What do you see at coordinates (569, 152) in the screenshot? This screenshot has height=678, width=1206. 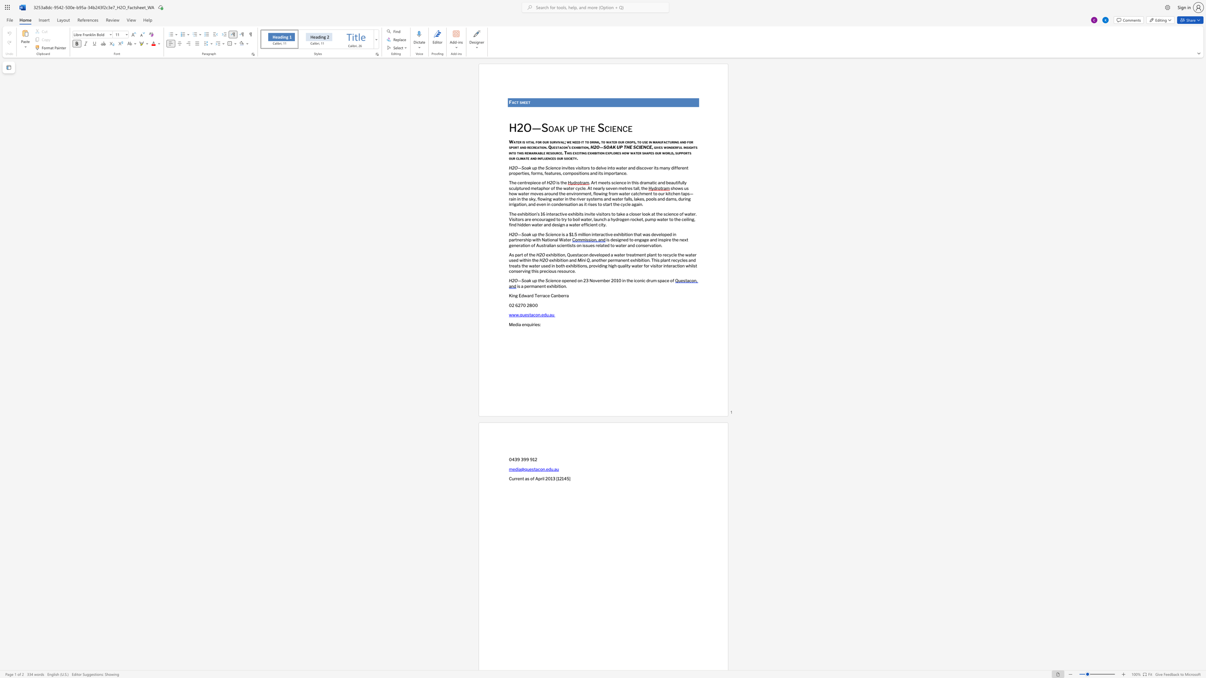 I see `the subset text "s exciting exhibition explores" within the text ", gives wonderful insights into this remarkable resource. This exciting exhibition explores how water shapes our world, supports our"` at bounding box center [569, 152].